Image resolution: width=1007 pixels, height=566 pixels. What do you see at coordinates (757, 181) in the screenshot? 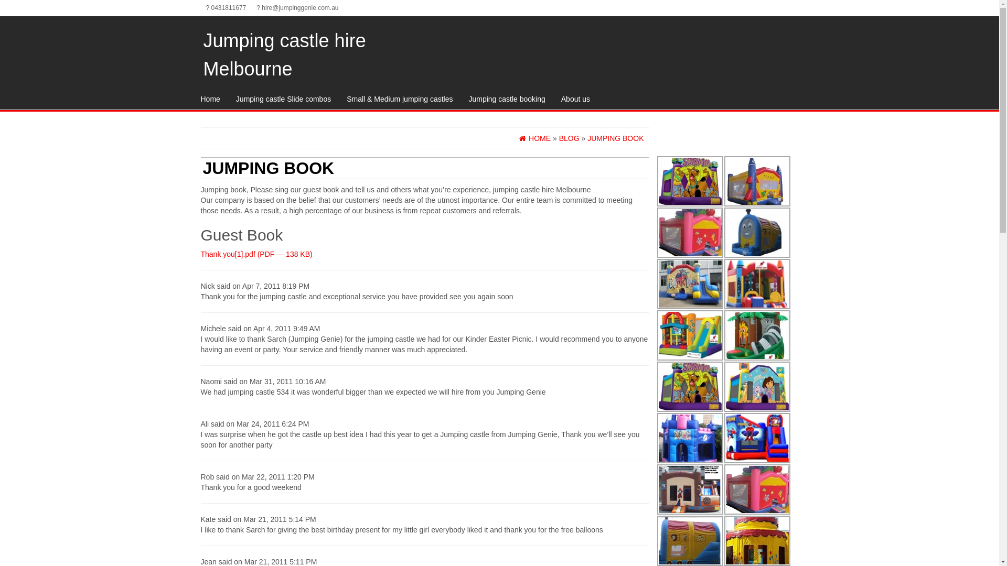
I see `'rocket 05.jpg'` at bounding box center [757, 181].